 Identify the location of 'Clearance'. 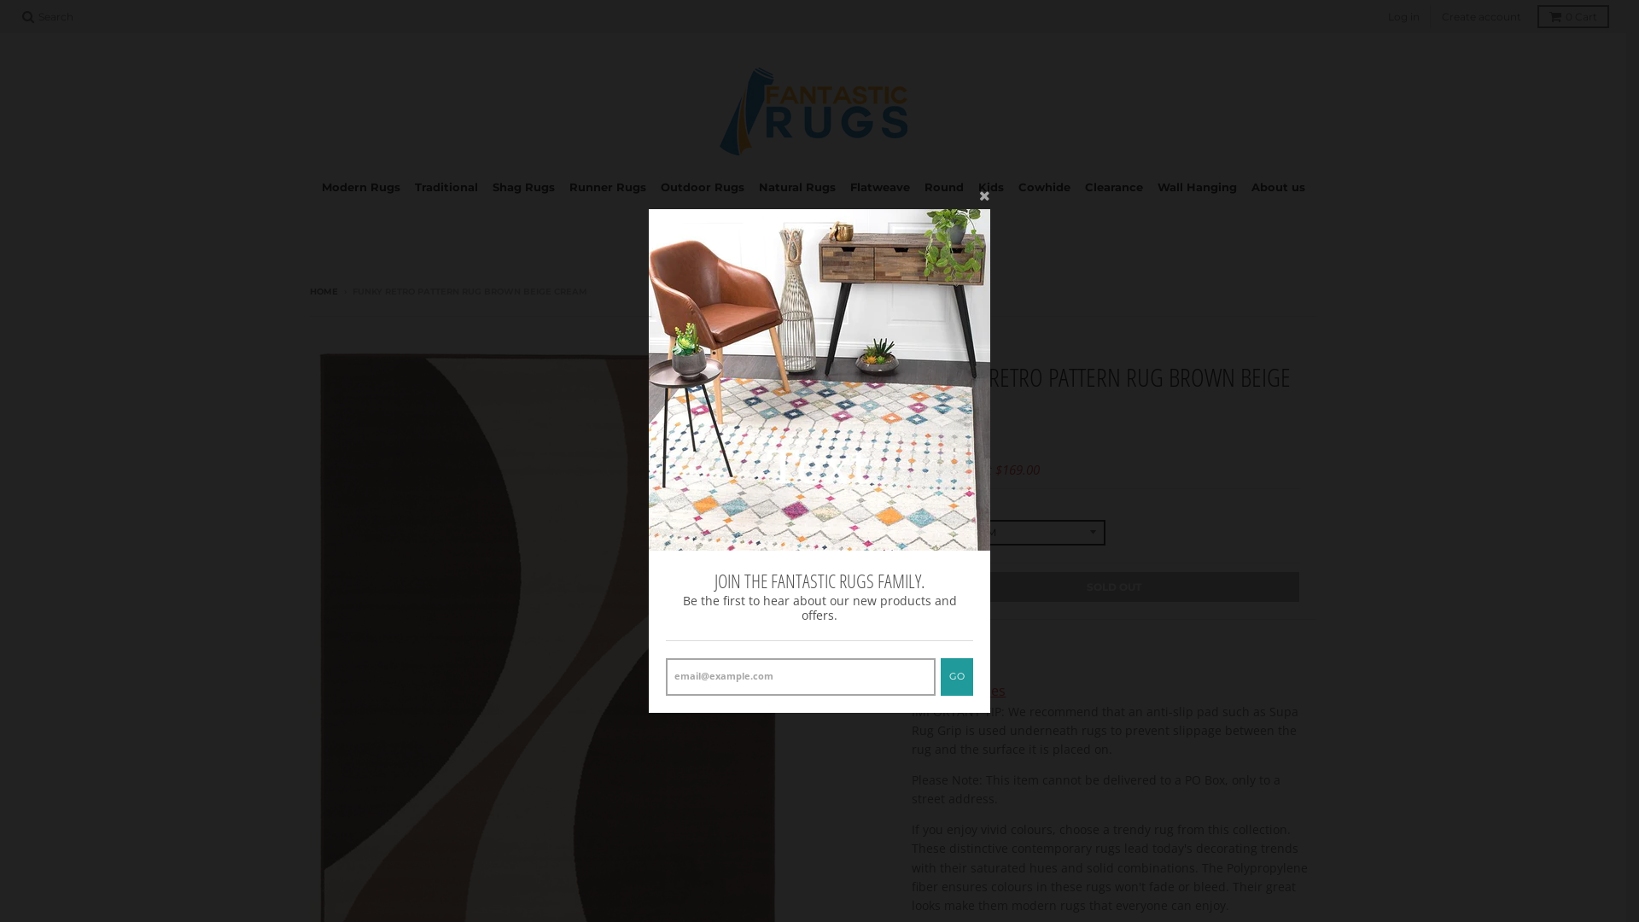
(1077, 187).